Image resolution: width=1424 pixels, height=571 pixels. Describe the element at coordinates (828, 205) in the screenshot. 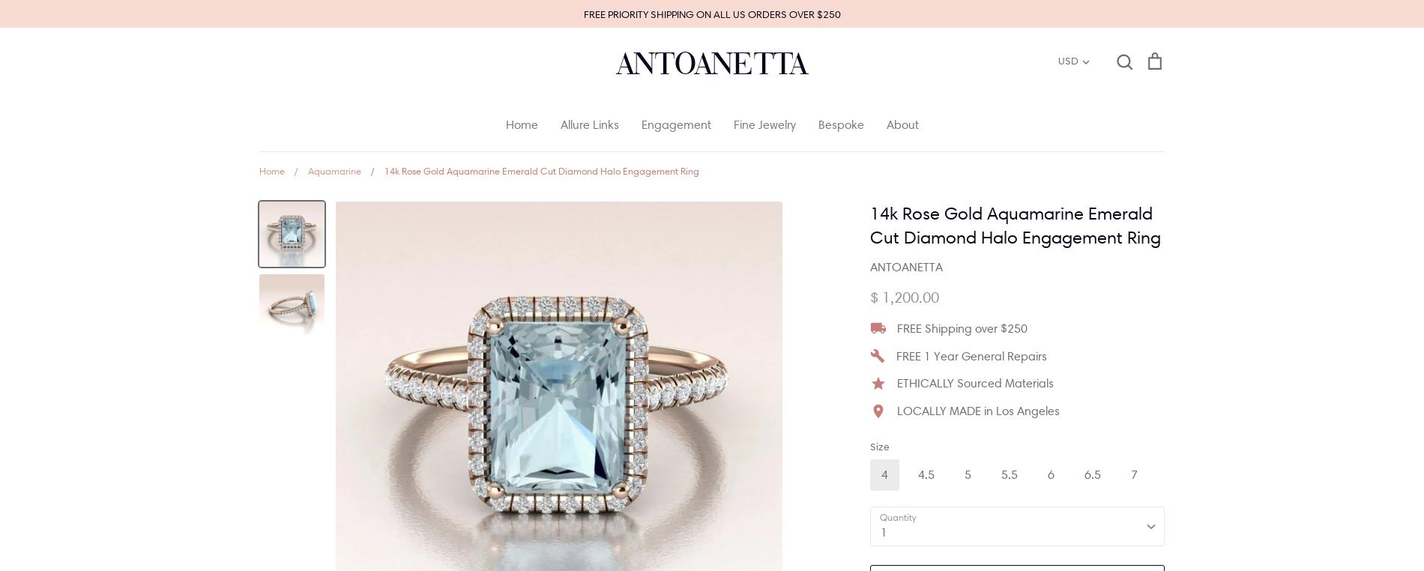

I see `'Round'` at that location.